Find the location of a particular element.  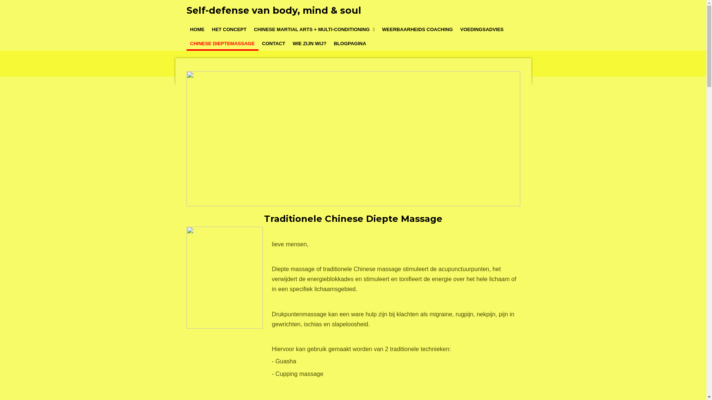

'HOME' is located at coordinates (197, 29).